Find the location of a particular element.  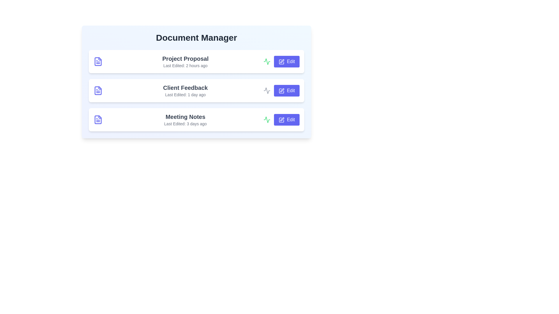

the 'Edit' button for the document titled 'Meeting Notes' is located at coordinates (286, 119).